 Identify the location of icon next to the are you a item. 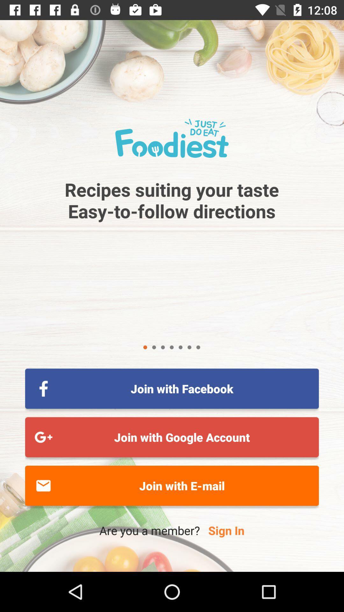
(226, 530).